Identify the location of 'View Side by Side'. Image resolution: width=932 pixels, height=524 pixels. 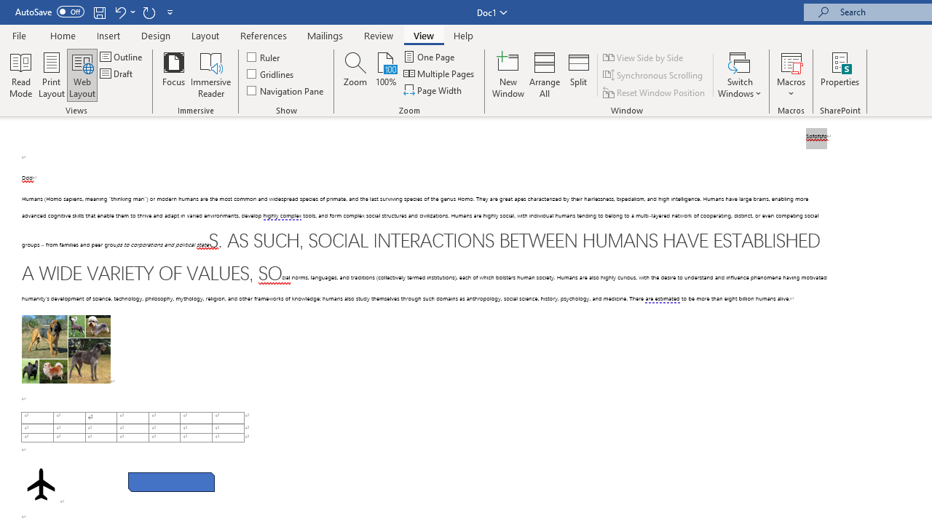
(644, 57).